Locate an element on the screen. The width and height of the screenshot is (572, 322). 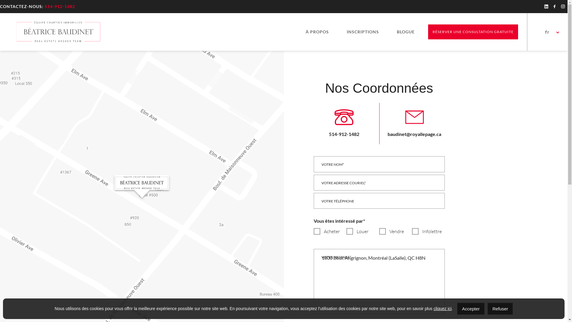
'cliquez ici' is located at coordinates (442, 308).